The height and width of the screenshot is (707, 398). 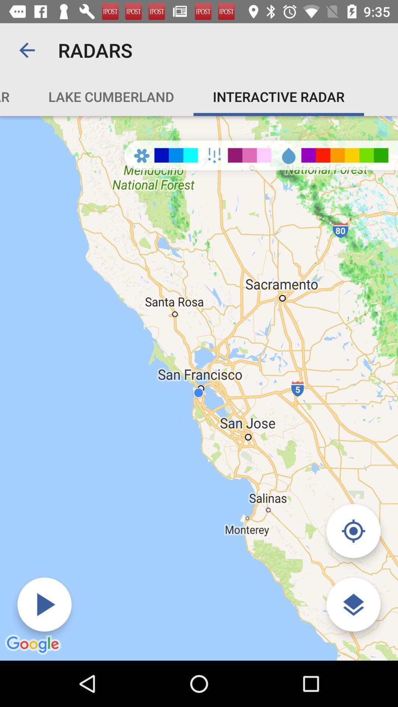 What do you see at coordinates (27, 50) in the screenshot?
I see `icon to the left of the radars` at bounding box center [27, 50].